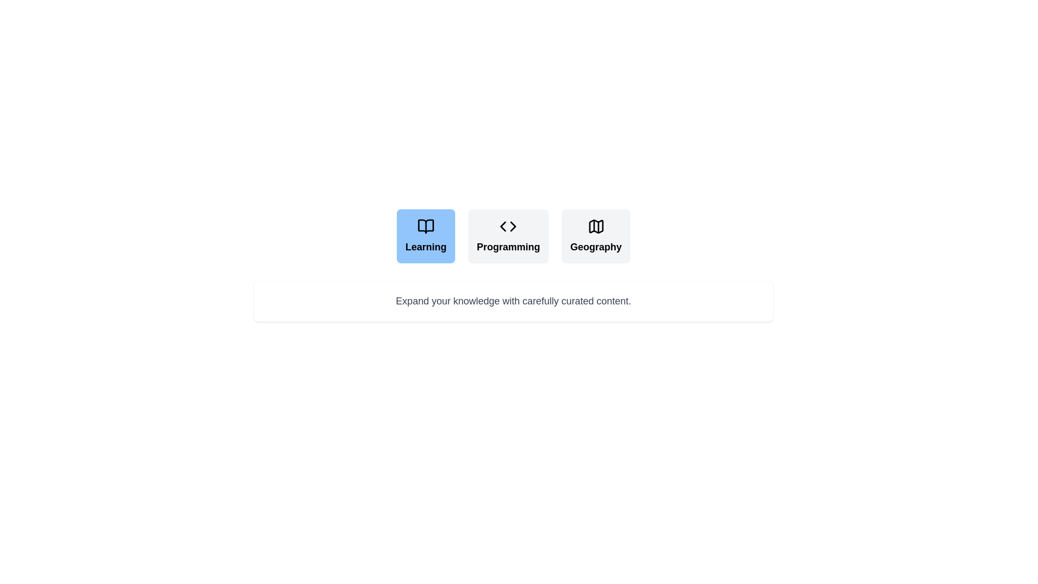 Image resolution: width=1038 pixels, height=584 pixels. I want to click on the tab labeled Programming to switch to the corresponding content, so click(508, 235).